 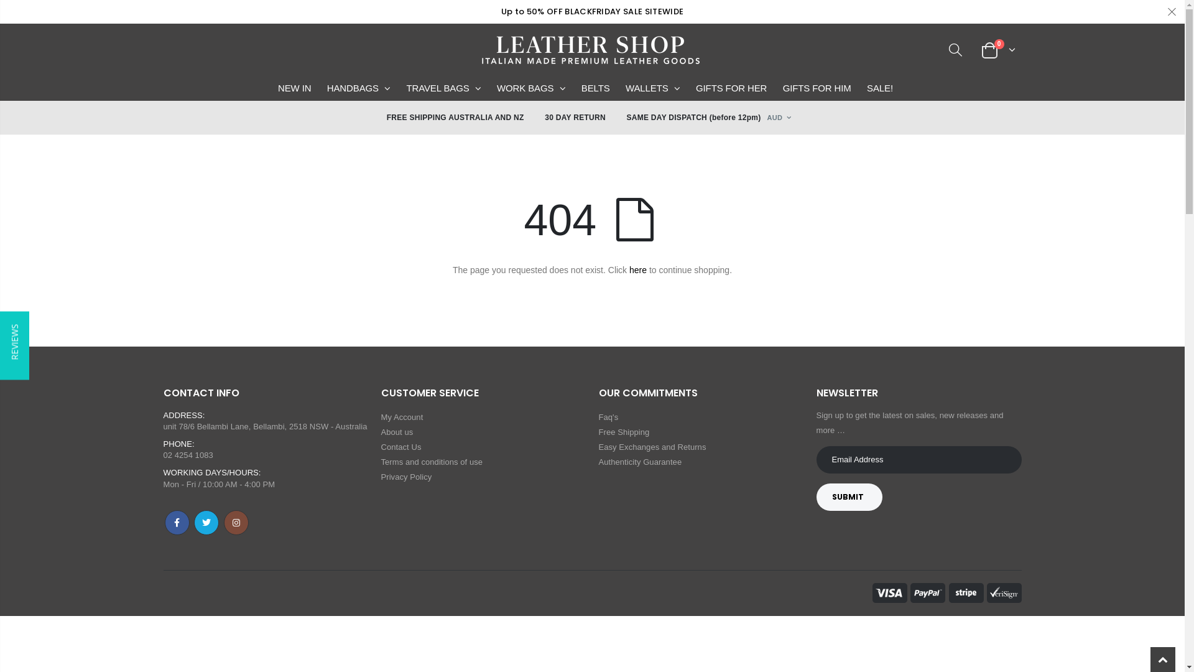 I want to click on 'AED', so click(x=777, y=138).